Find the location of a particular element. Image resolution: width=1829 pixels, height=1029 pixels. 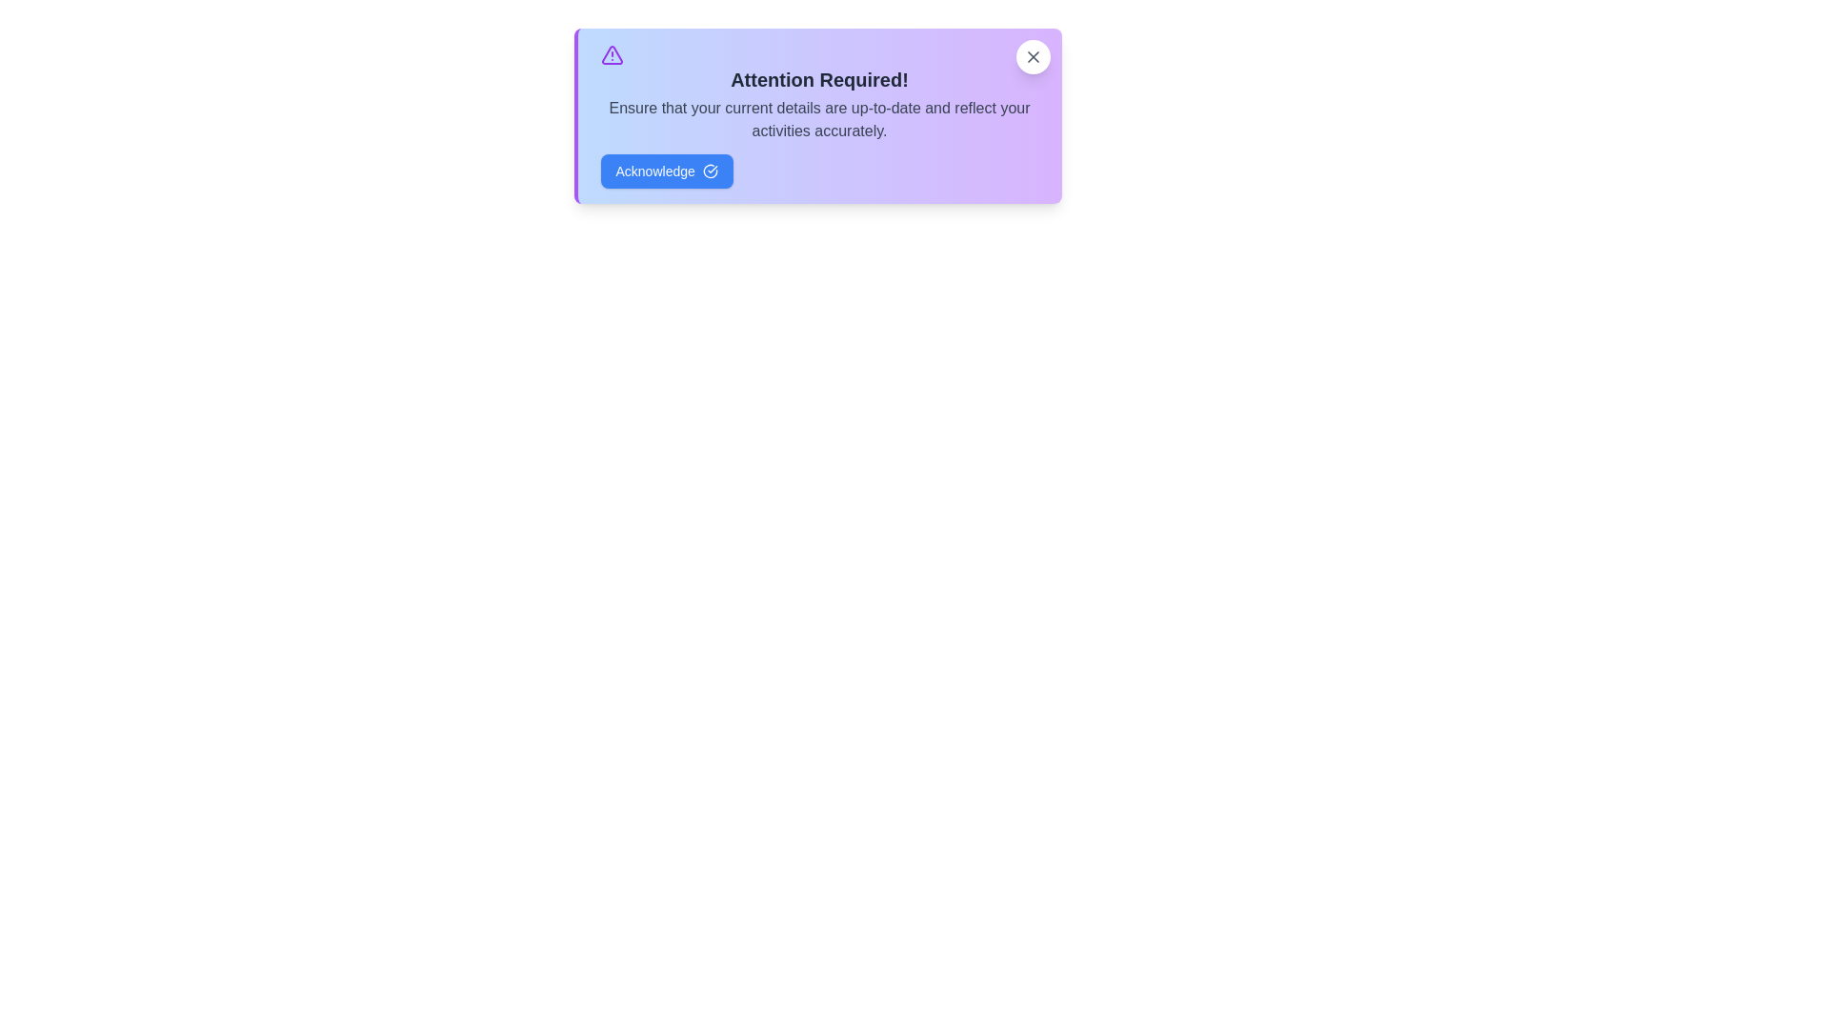

the close button to dismiss the alert is located at coordinates (1032, 56).